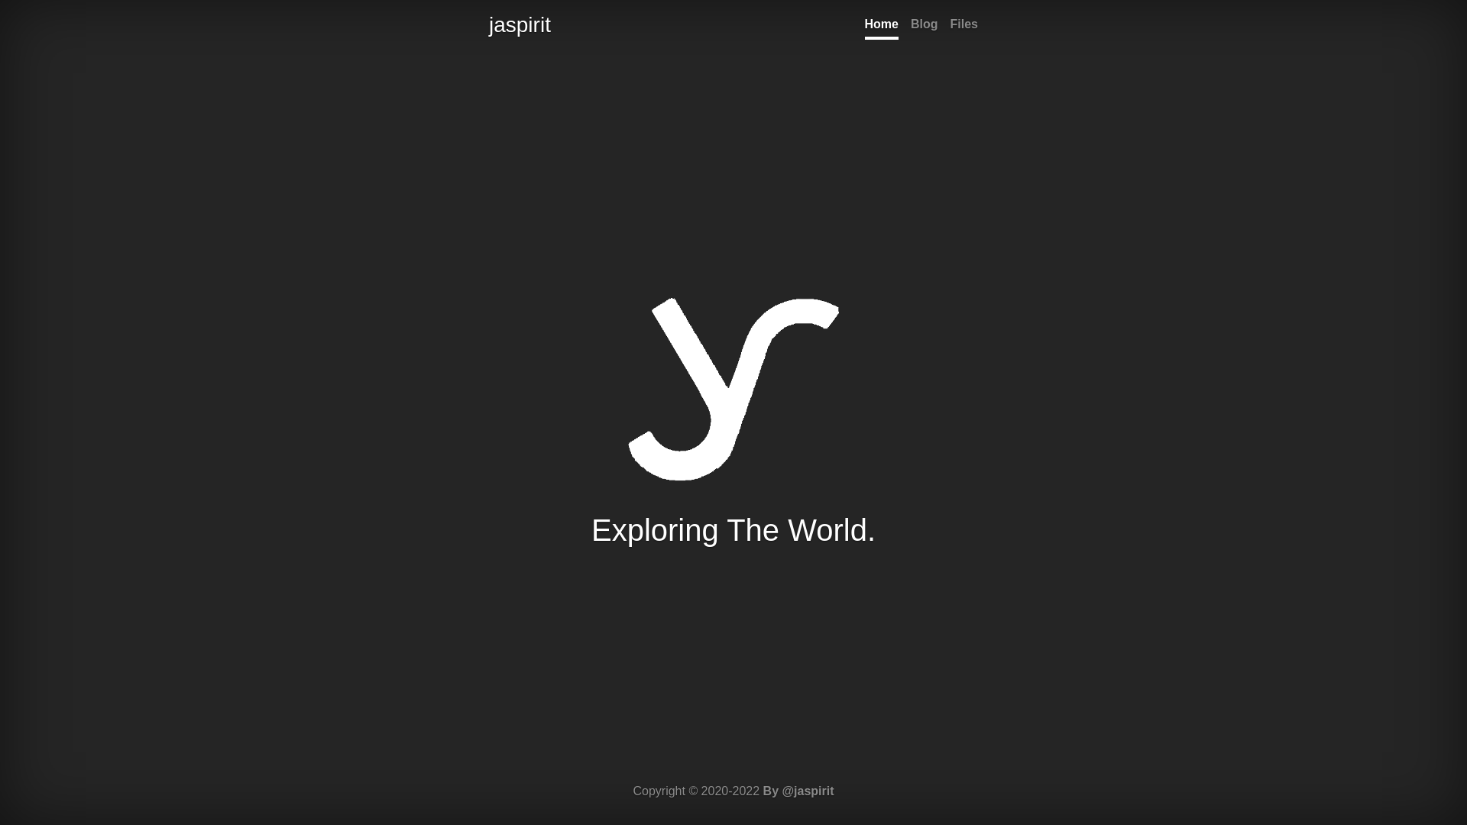 Image resolution: width=1467 pixels, height=825 pixels. Describe the element at coordinates (963, 26) in the screenshot. I see `'Files'` at that location.